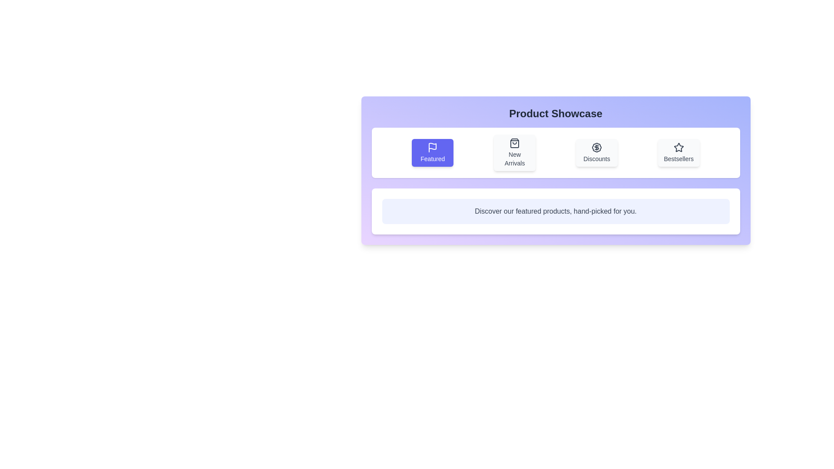 Image resolution: width=834 pixels, height=469 pixels. I want to click on the 'Featured' button, which is a rectangular button with rounded corners, vibrant indigo background, and white text, so click(433, 152).